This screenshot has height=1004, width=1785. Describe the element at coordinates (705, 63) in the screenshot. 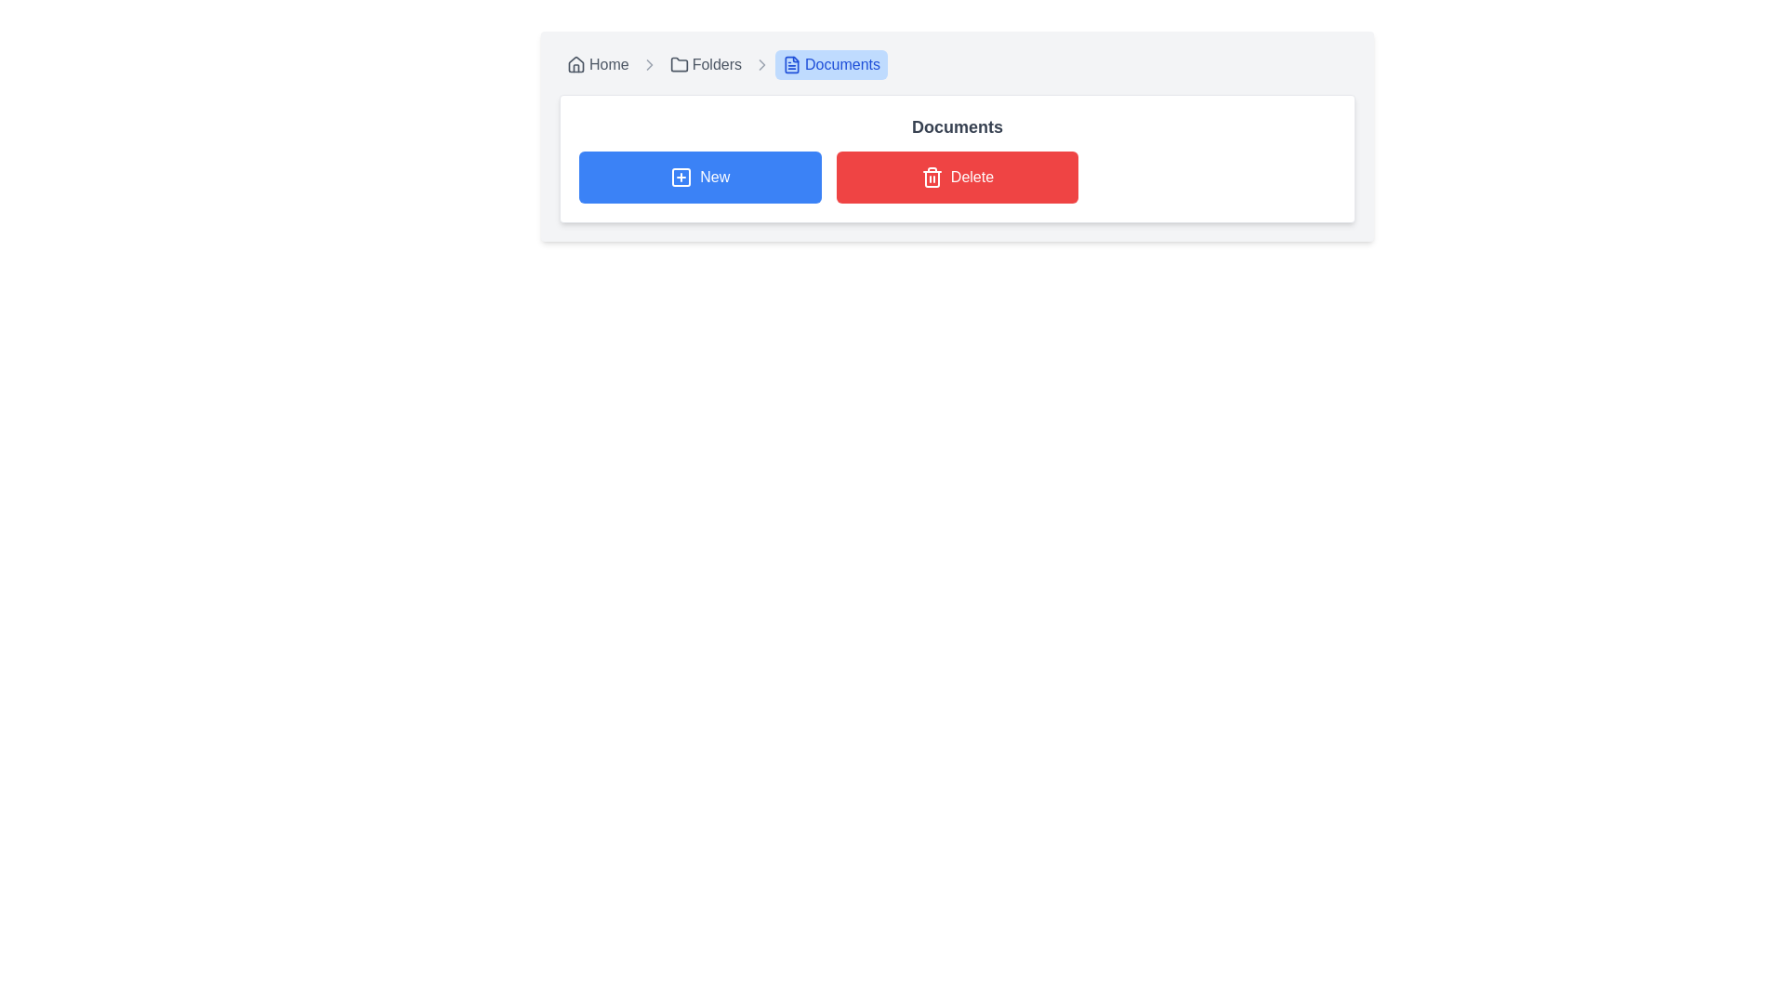

I see `the 'Folders' navigation link located in the breadcrumb row between 'Home' and 'Documents'` at that location.